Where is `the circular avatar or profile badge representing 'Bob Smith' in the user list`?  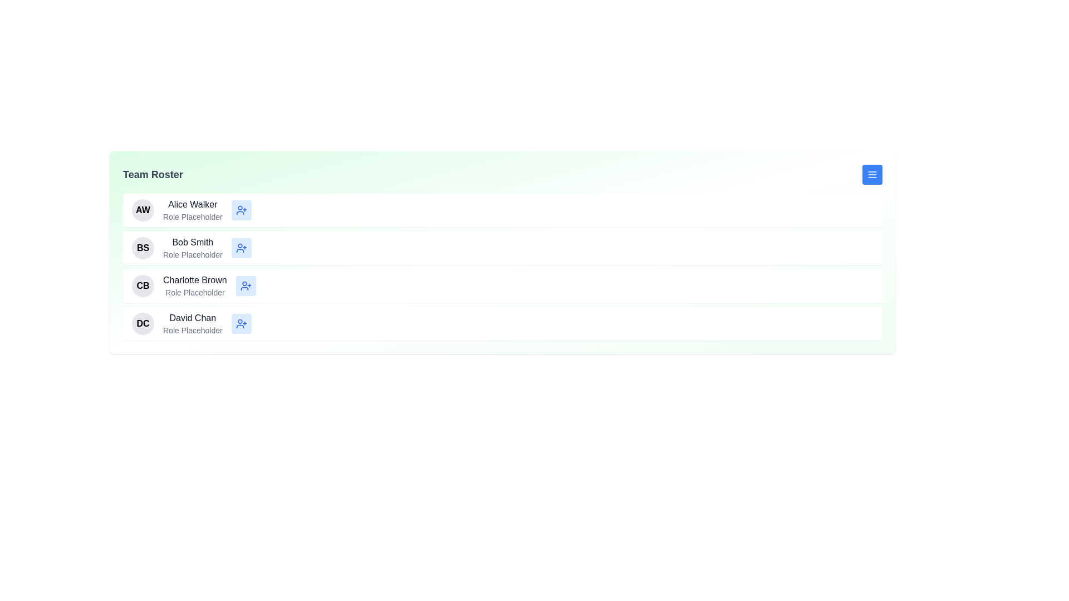 the circular avatar or profile badge representing 'Bob Smith' in the user list is located at coordinates (143, 248).